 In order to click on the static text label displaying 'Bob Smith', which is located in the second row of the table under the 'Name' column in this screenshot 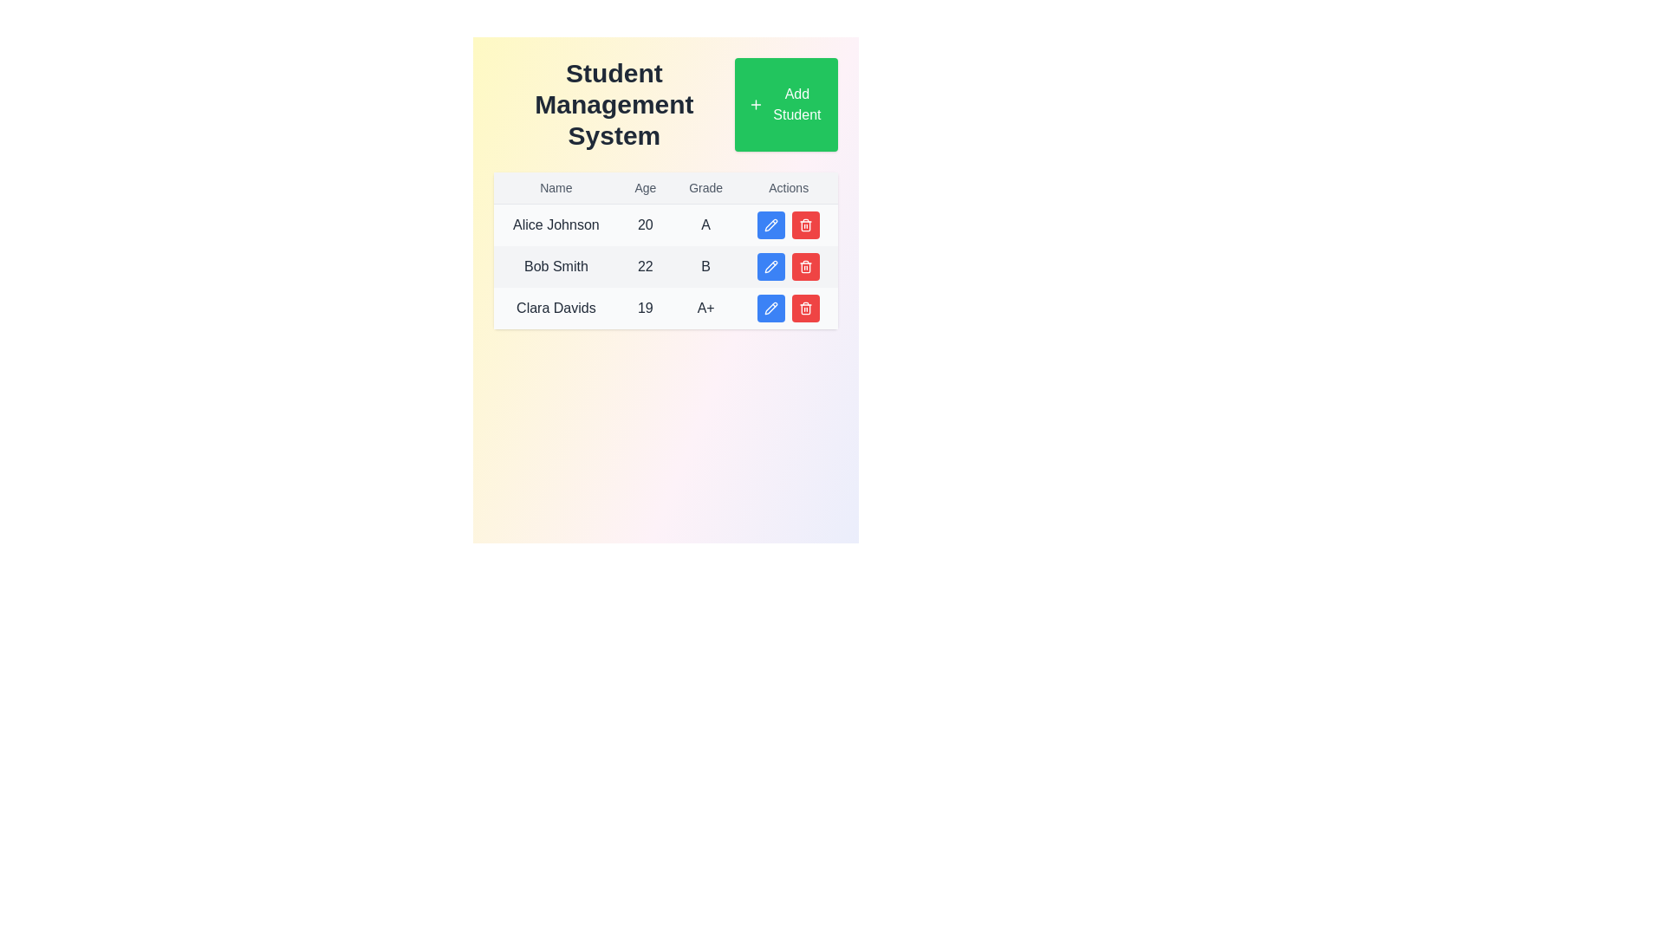, I will do `click(556, 267)`.